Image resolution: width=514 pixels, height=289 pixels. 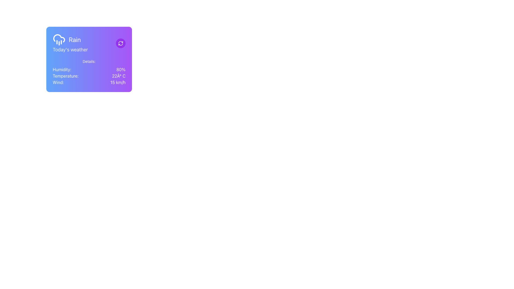 I want to click on the text label that reads 'Details:' which is styled with a small font size and white text color, located at the top of the vertical layout containing weather information, so click(x=89, y=61).